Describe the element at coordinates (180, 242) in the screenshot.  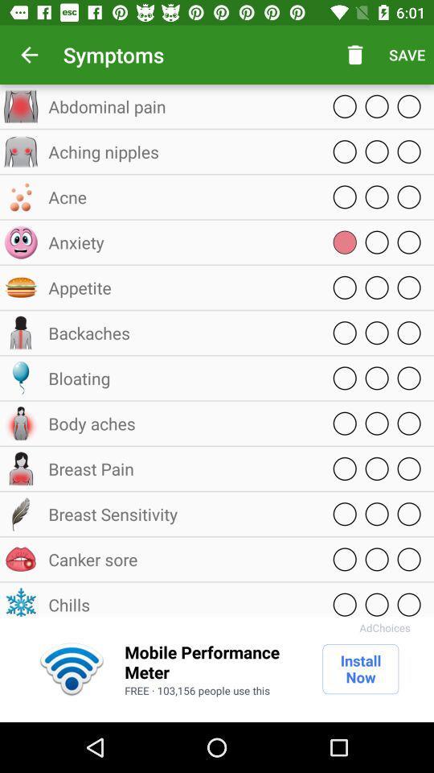
I see `the anxiety icon` at that location.